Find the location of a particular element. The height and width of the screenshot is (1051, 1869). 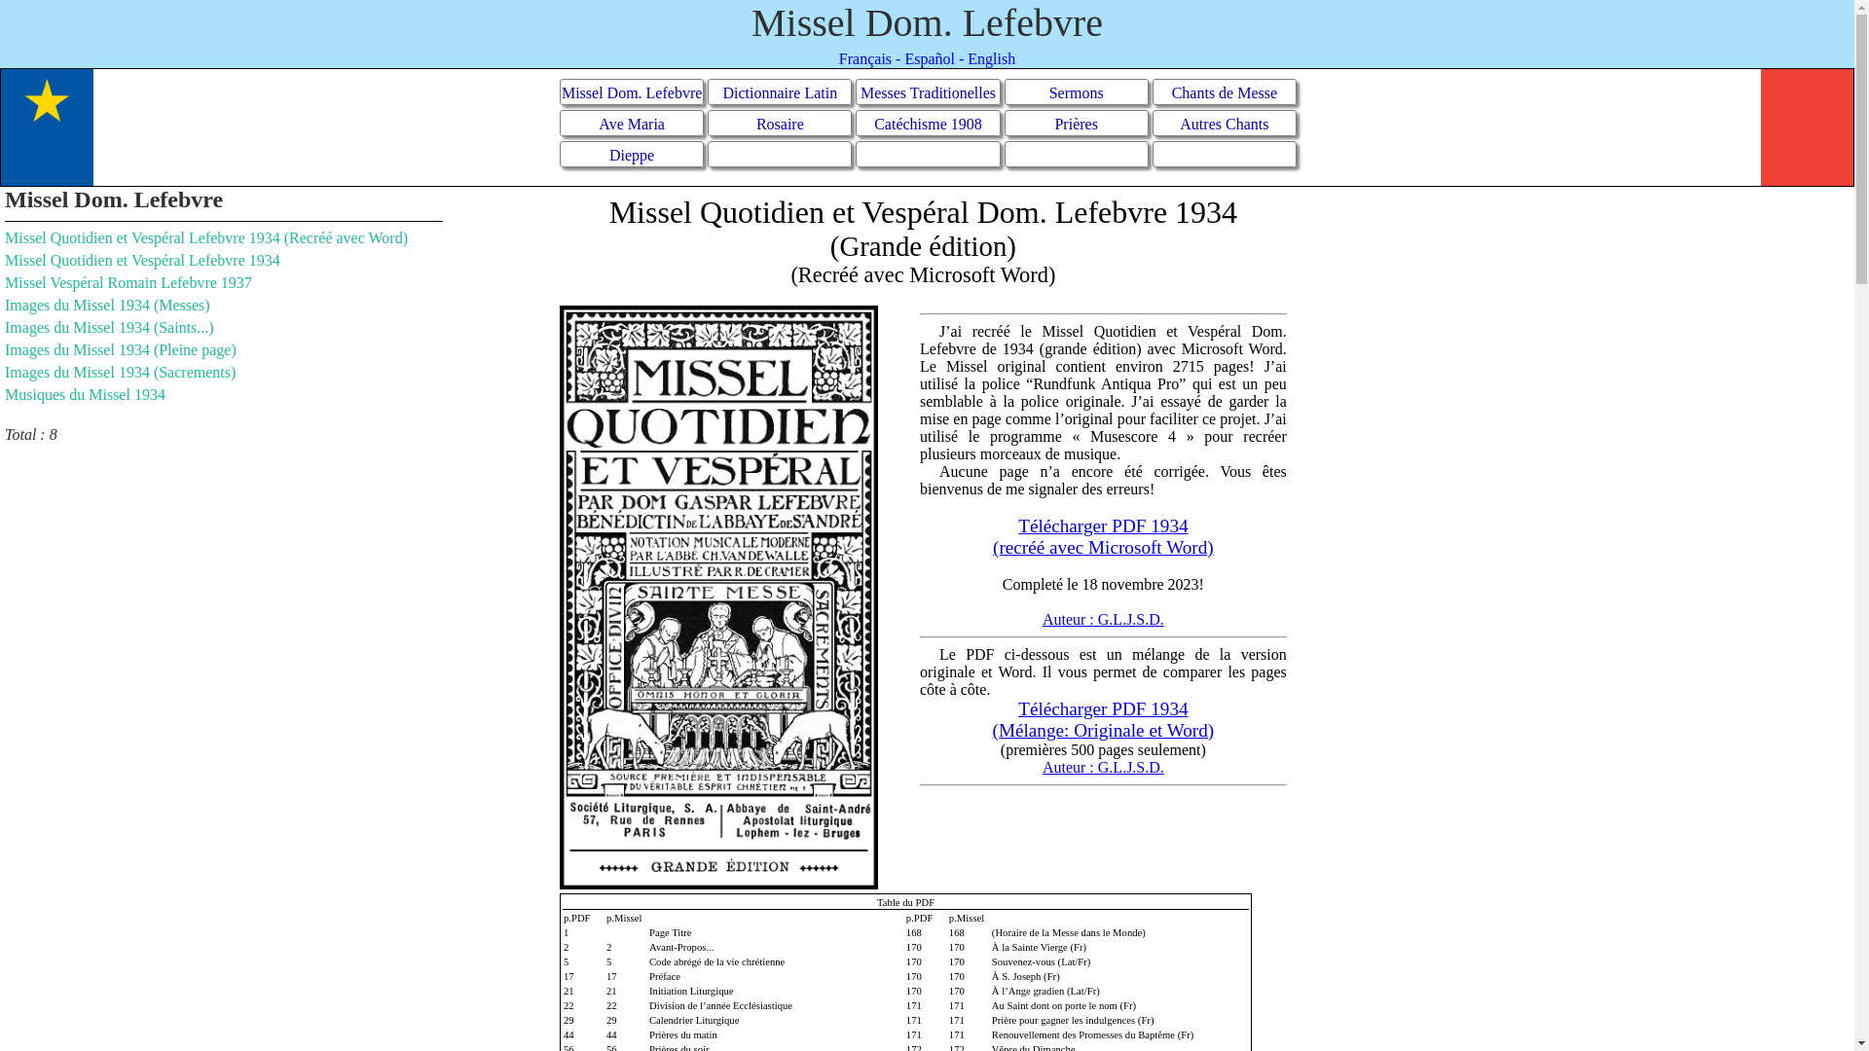

'Sermons' is located at coordinates (1075, 91).